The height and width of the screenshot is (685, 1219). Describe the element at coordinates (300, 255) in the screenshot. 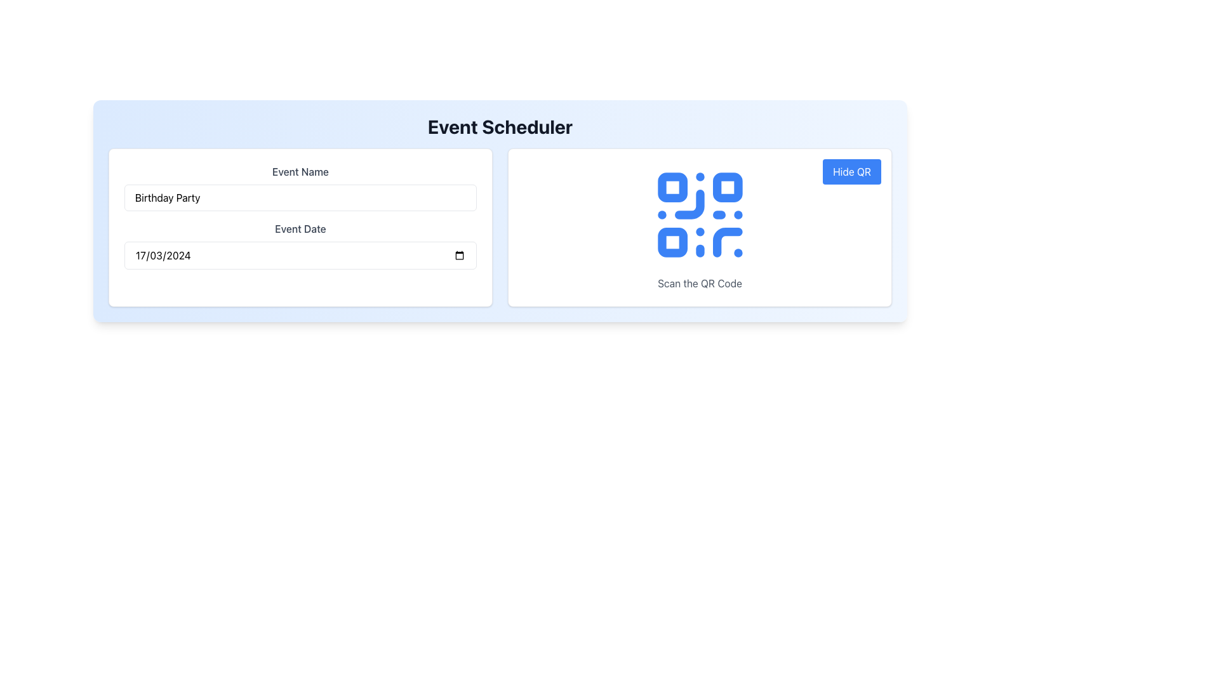

I see `the date input field with the placeholder '17/03/2024' to enable keyboard interactions` at that location.